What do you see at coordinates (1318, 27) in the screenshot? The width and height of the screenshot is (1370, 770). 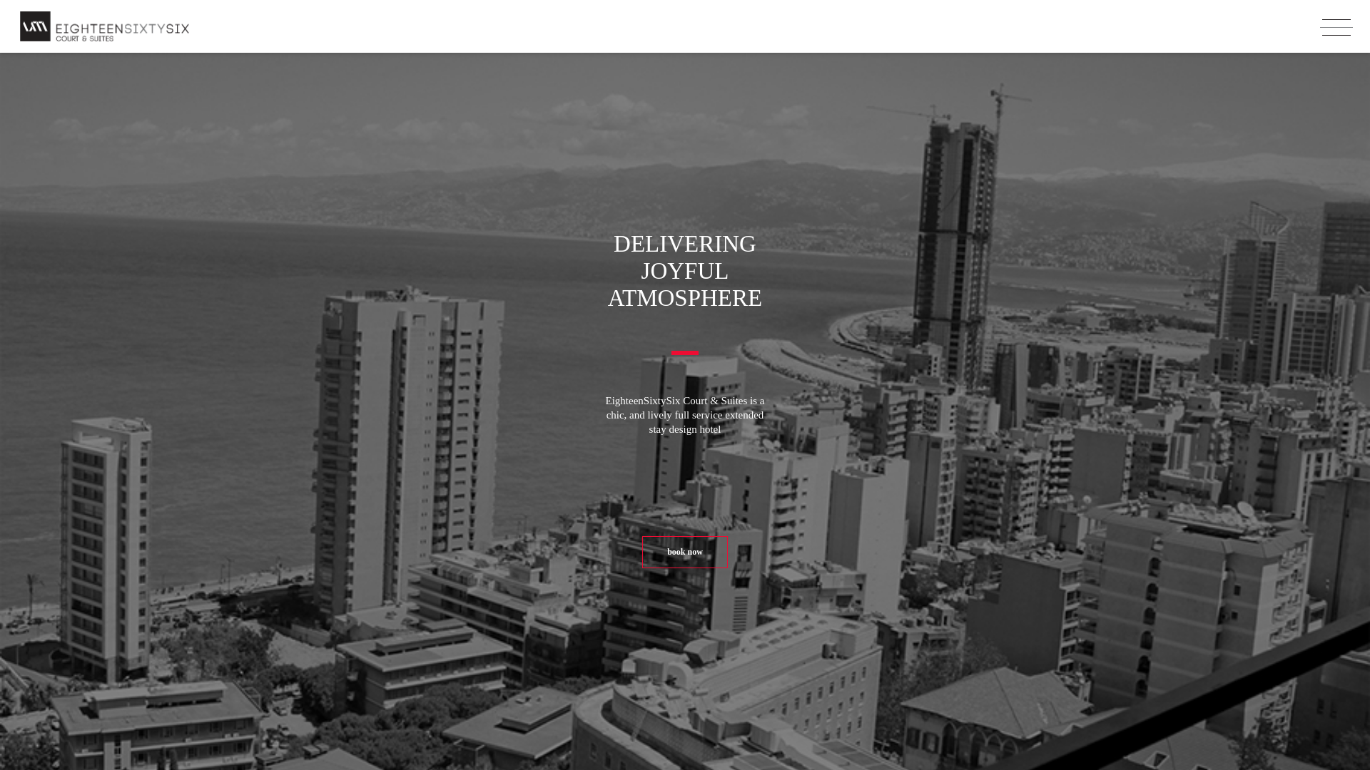 I see `'menu'` at bounding box center [1318, 27].